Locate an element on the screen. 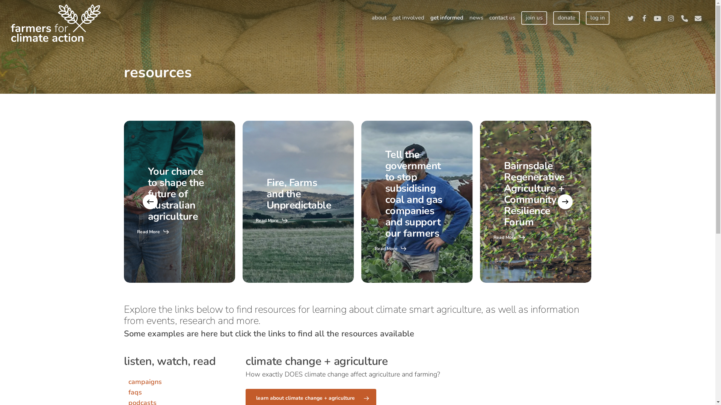 This screenshot has height=405, width=721. 'youtube' is located at coordinates (657, 17).